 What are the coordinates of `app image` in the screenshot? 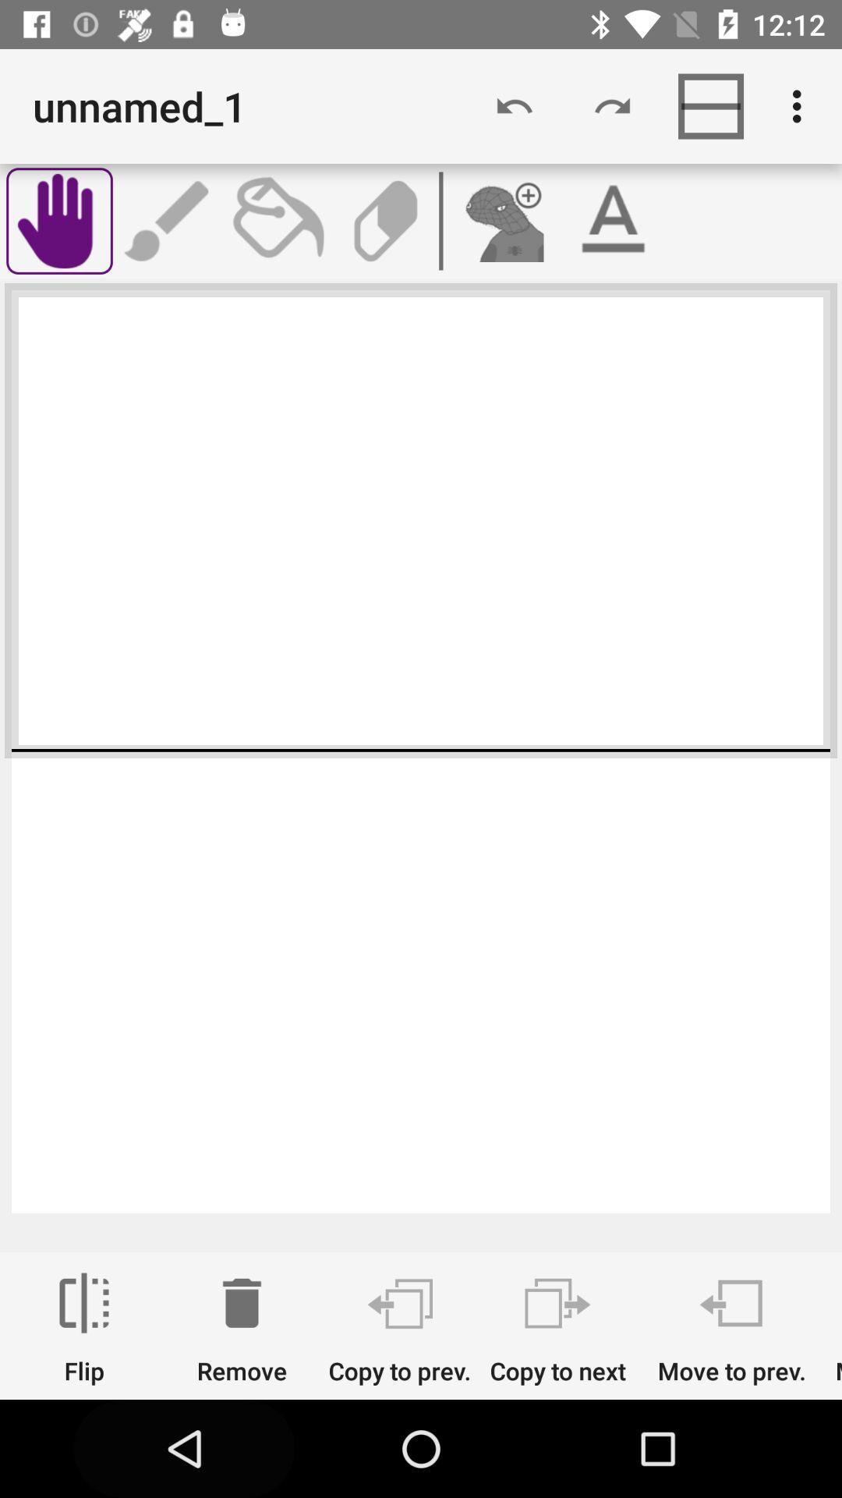 It's located at (502, 220).